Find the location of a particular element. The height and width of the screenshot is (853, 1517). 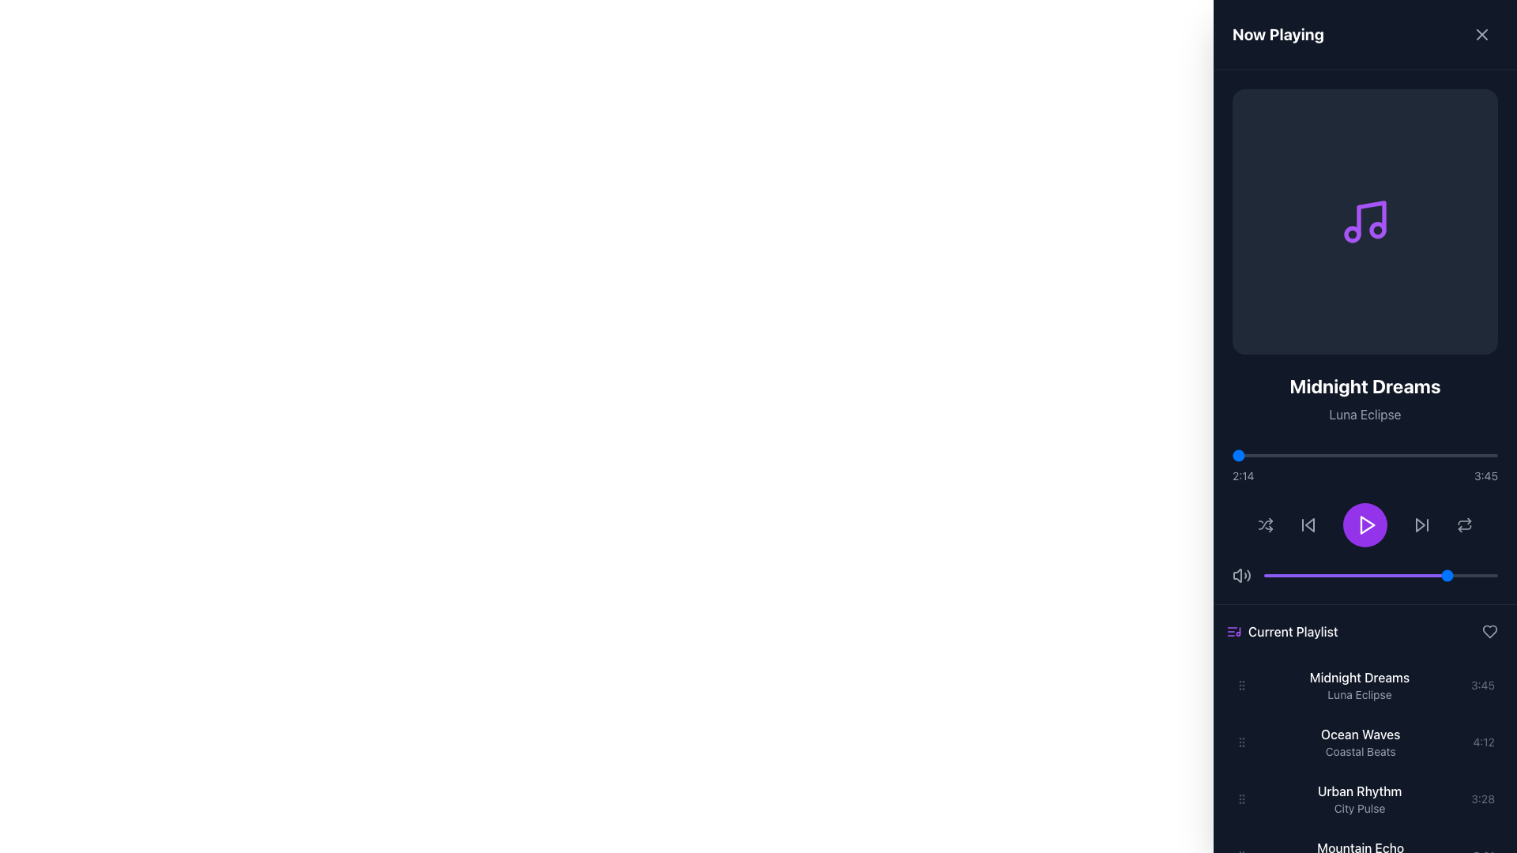

the slider is located at coordinates (1376, 576).